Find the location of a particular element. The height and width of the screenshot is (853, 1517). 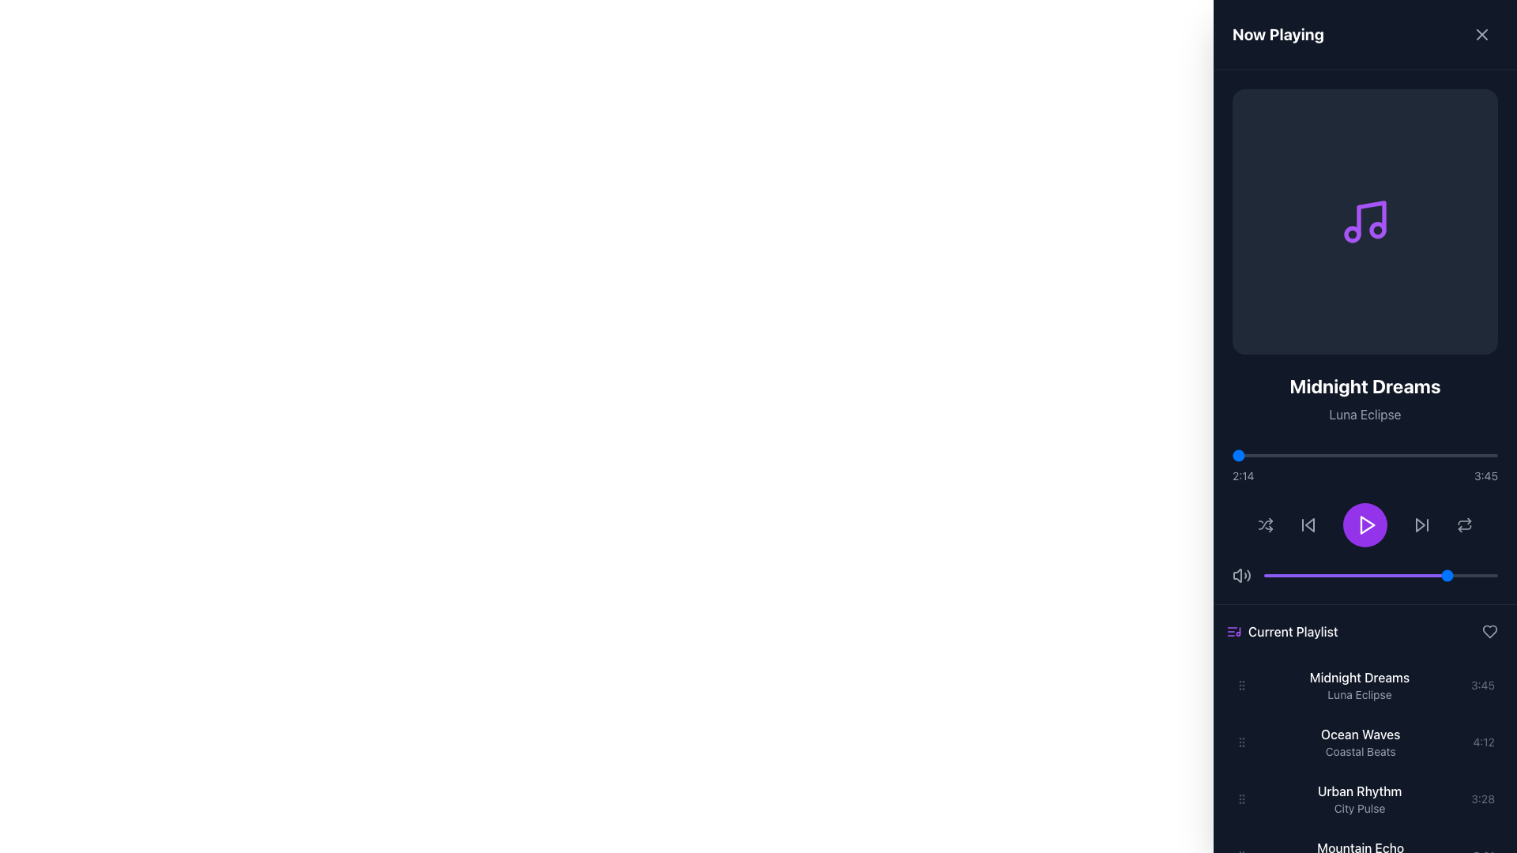

the slider is located at coordinates (1376, 576).